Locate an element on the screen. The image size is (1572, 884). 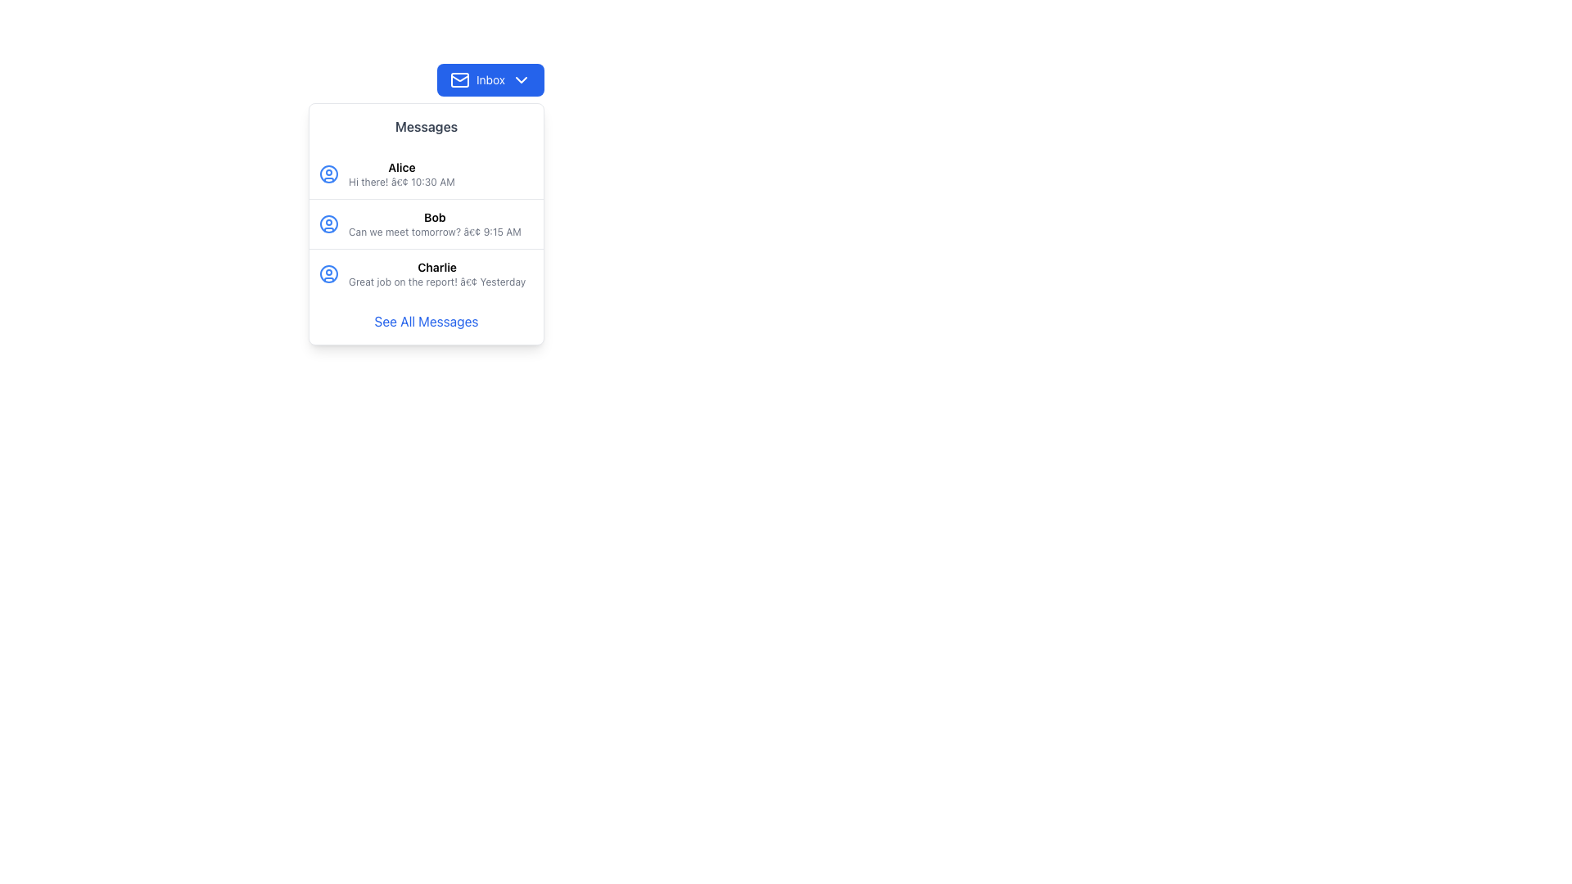
the blue link located at the bottom center of the message preview card is located at coordinates (427, 322).